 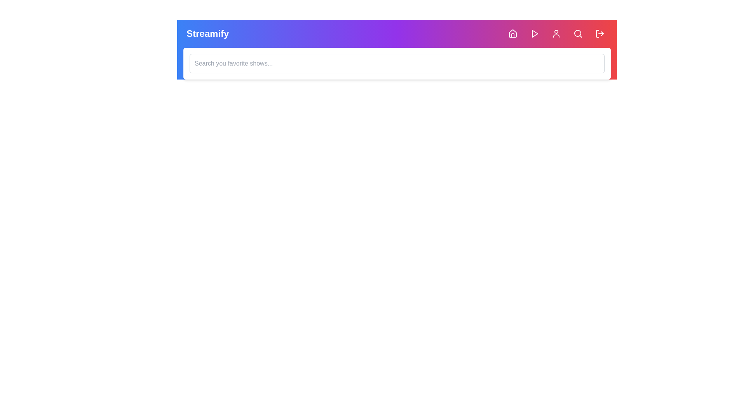 I want to click on the Home button in the navigation bar, so click(x=513, y=33).